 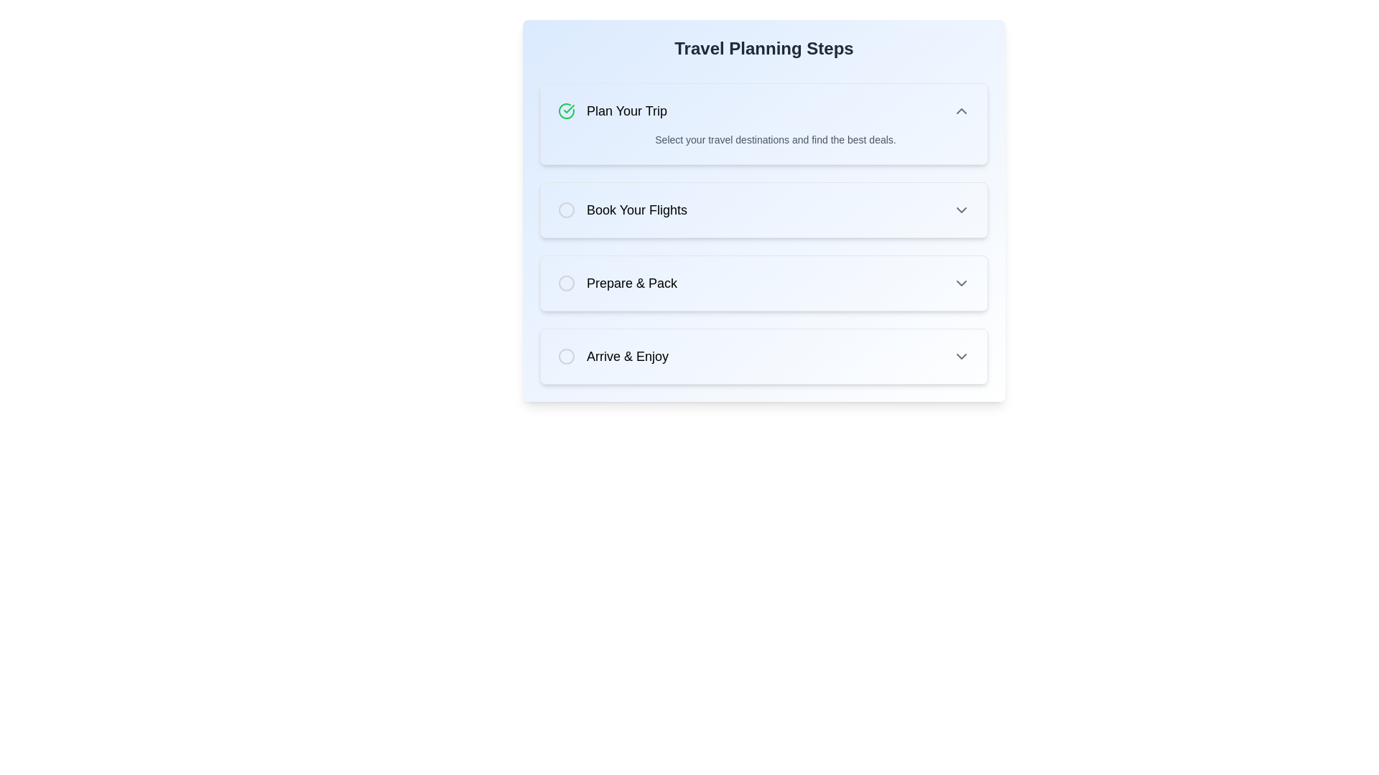 I want to click on the first circular icon in the 'Book Your Flights' section, which has a gray outline and serves as a selectable radio button, so click(x=565, y=210).